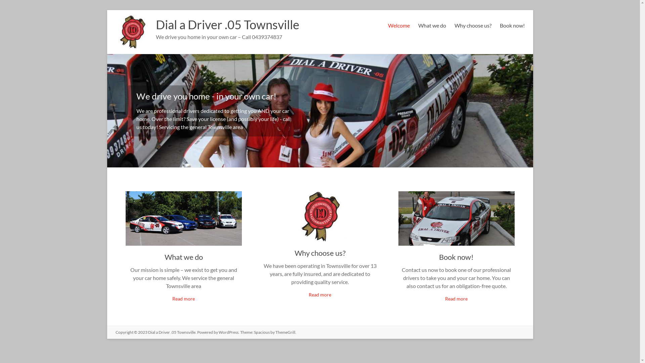 This screenshot has width=645, height=363. I want to click on 'WordPress', so click(228, 332).